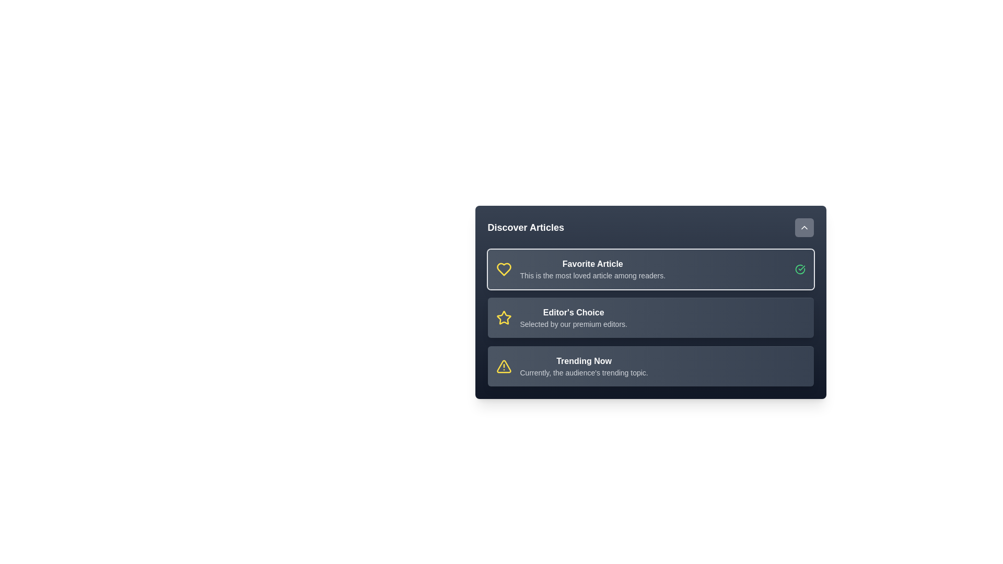  I want to click on the article titled Trending Now, so click(650, 366).